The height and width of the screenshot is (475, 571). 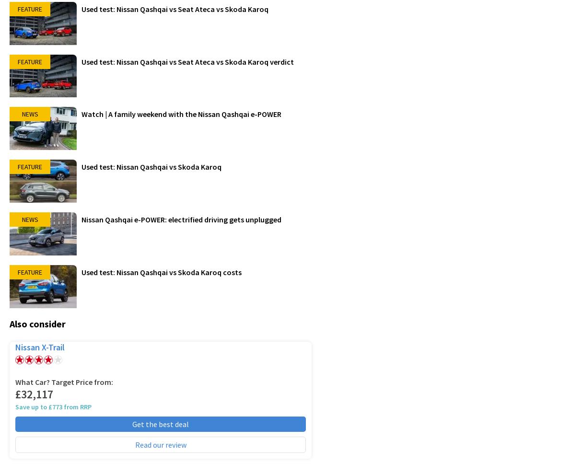 I want to click on 'Read our review', so click(x=160, y=444).